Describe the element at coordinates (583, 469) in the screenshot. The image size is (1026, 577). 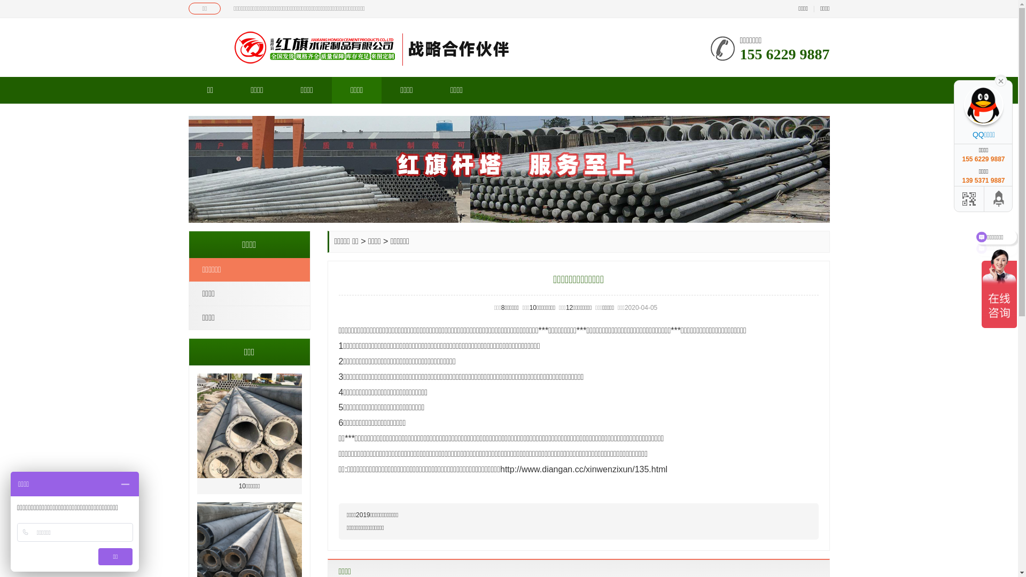
I see `'http://www.diangan.cc/xinwenzixun/135.html'` at that location.